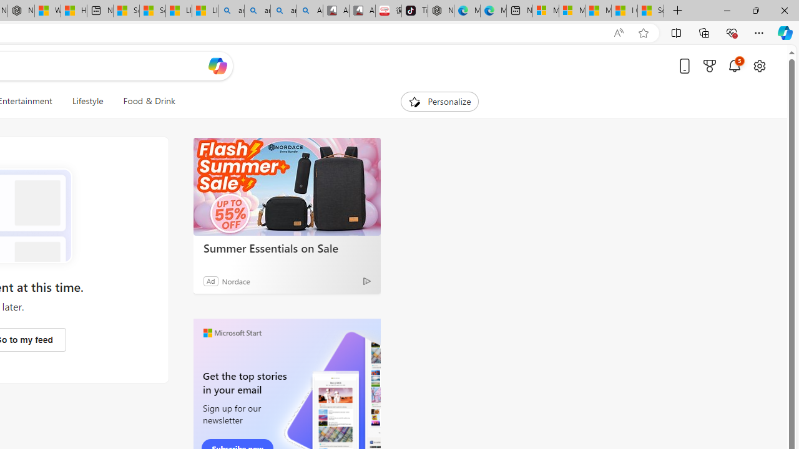  Describe the element at coordinates (287, 186) in the screenshot. I see `'Summer Essentials on Sale'` at that location.